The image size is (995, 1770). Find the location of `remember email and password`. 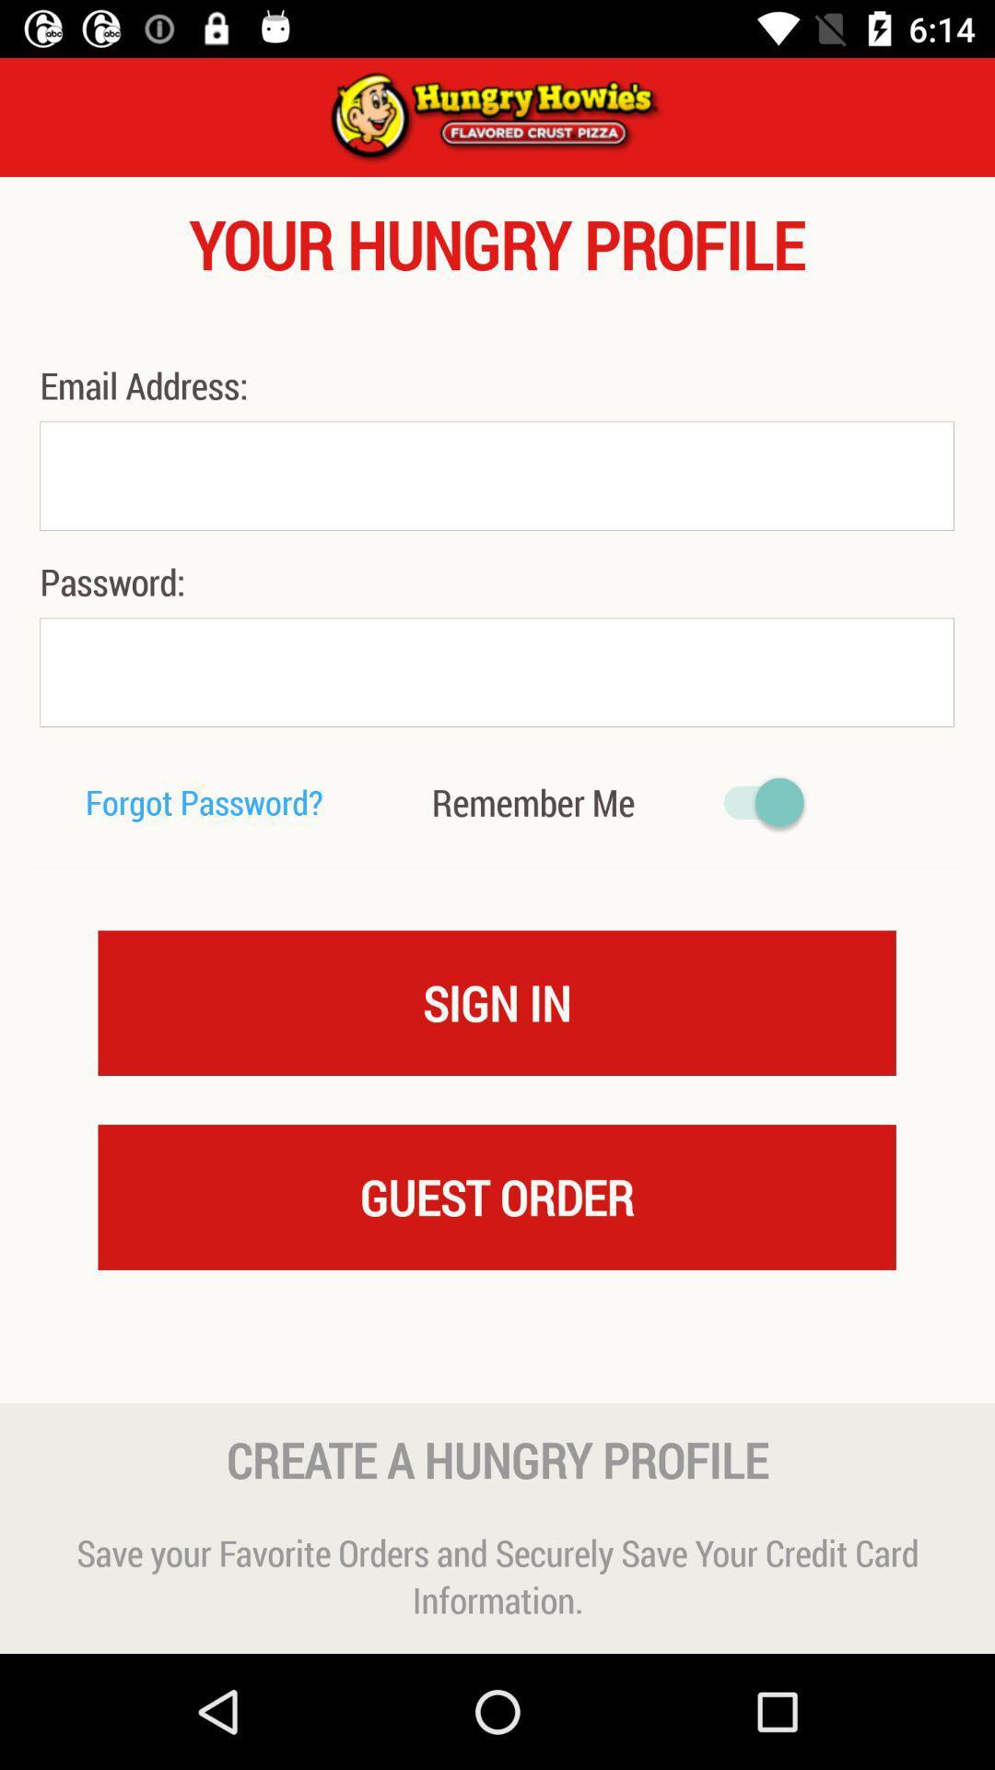

remember email and password is located at coordinates (755, 802).